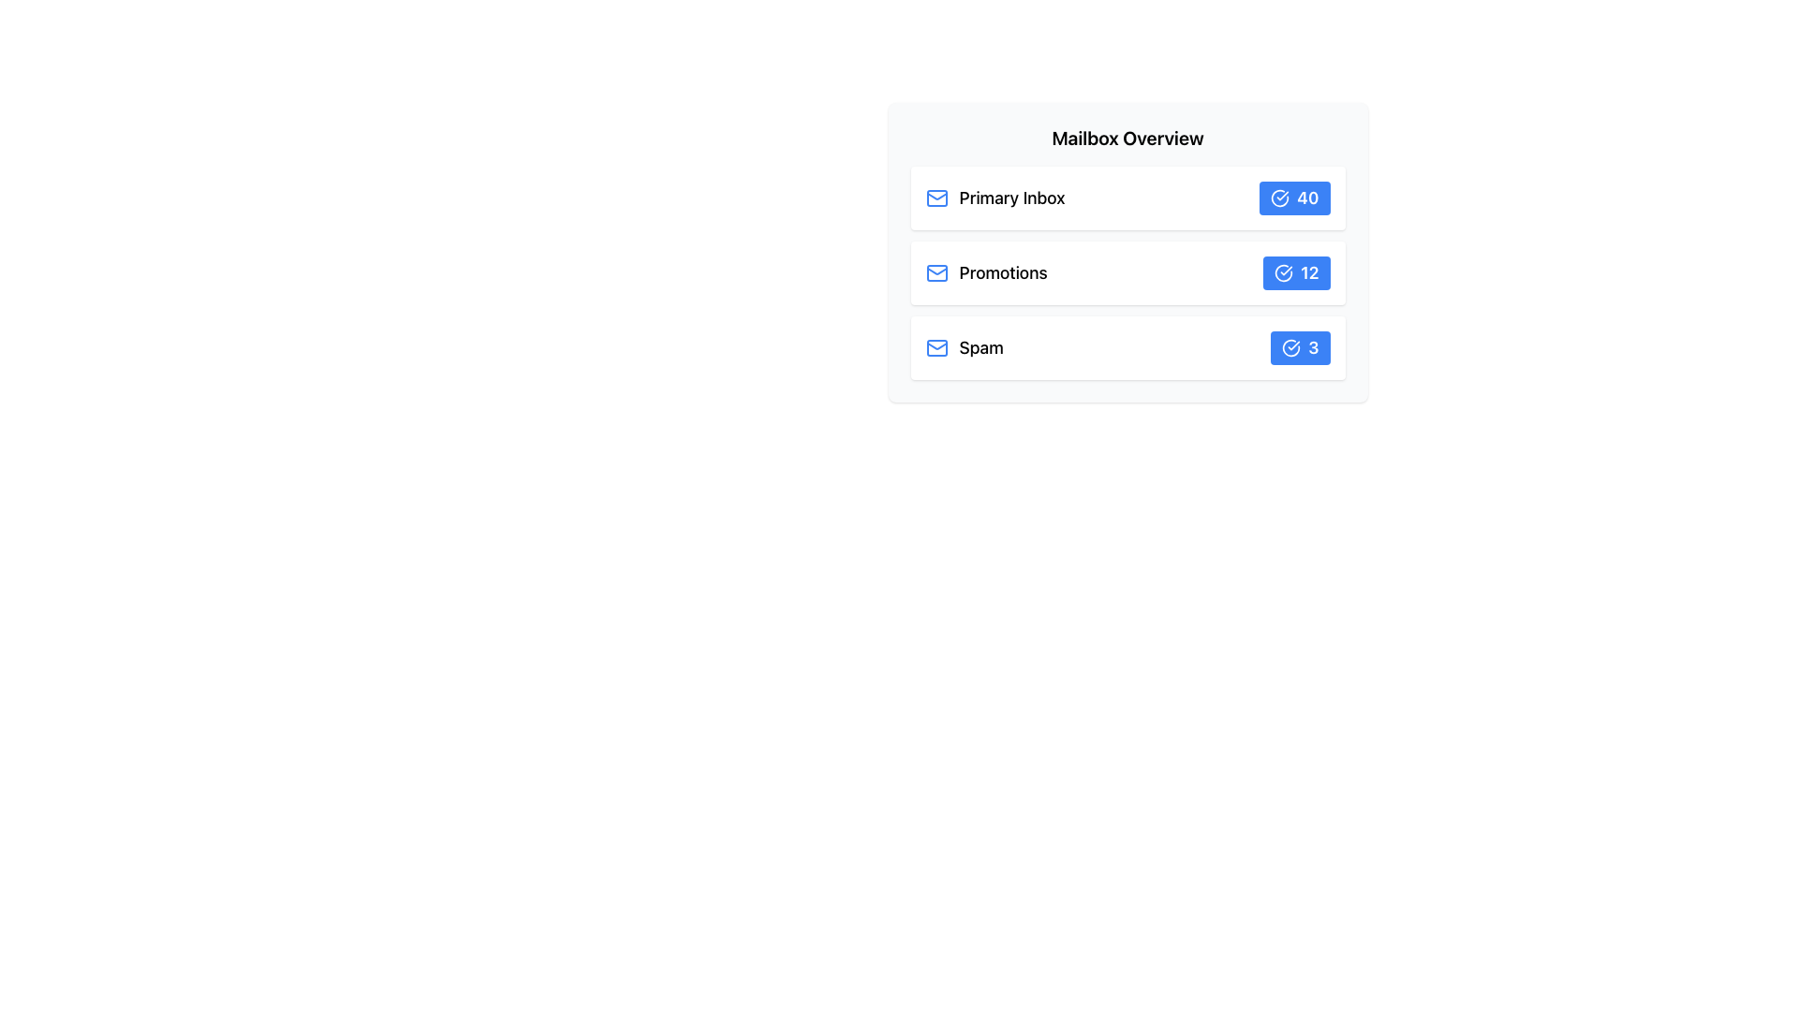 This screenshot has width=1798, height=1011. I want to click on the text label displaying the word 'Spam' located at the bottom of a vertical list within the 'Mailbox Overview' card, so click(980, 347).